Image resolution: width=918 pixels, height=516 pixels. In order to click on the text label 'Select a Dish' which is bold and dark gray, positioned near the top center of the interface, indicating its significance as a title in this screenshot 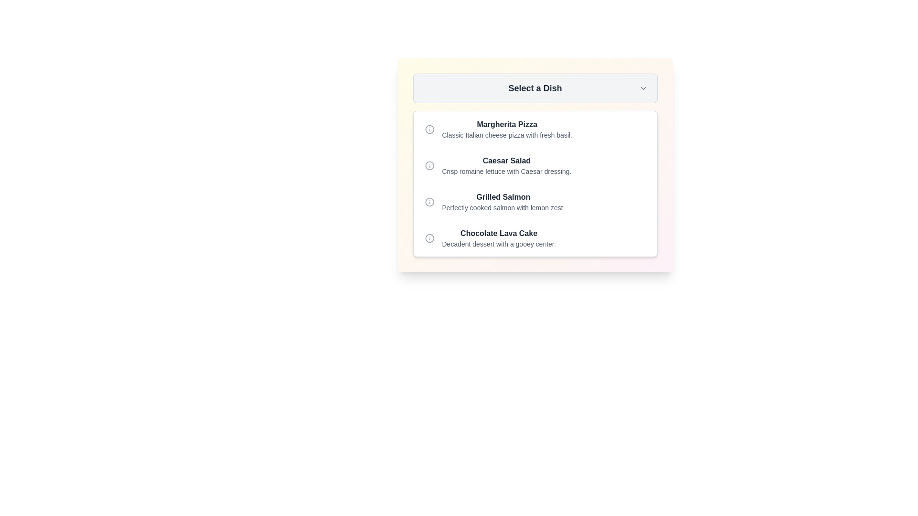, I will do `click(535, 88)`.